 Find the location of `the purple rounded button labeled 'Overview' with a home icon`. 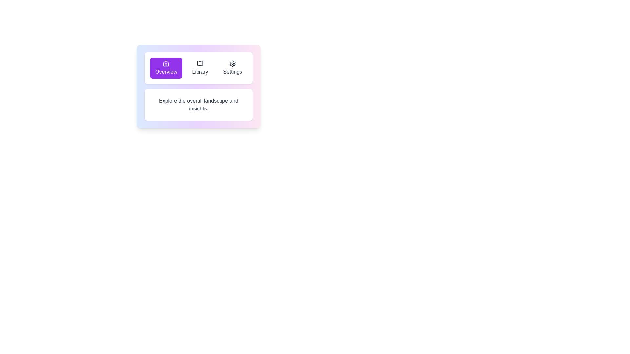

the purple rounded button labeled 'Overview' with a home icon is located at coordinates (166, 68).